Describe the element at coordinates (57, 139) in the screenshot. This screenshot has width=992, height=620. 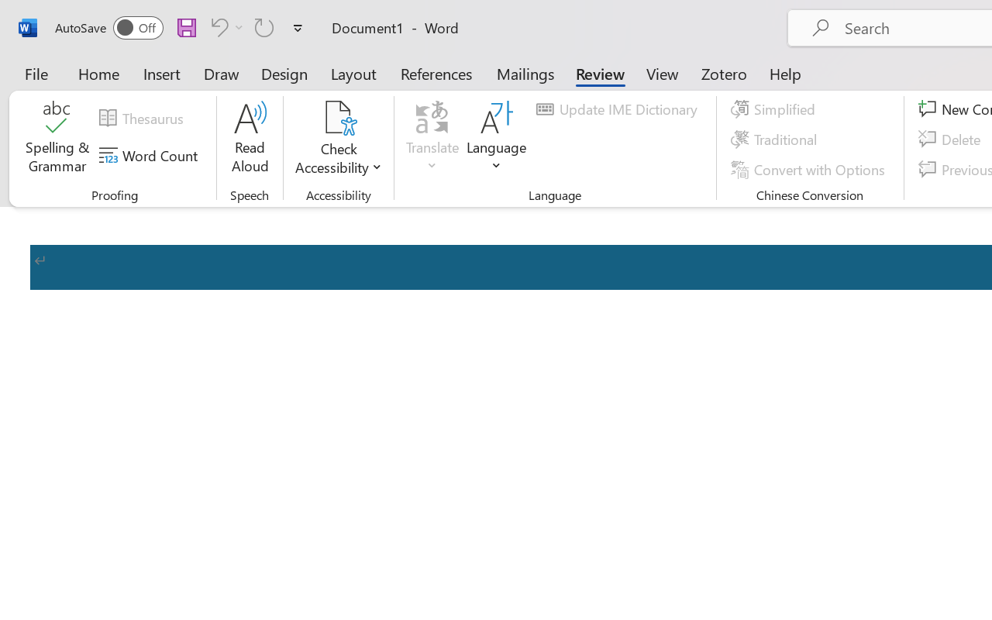
I see `'Spelling & Grammar'` at that location.